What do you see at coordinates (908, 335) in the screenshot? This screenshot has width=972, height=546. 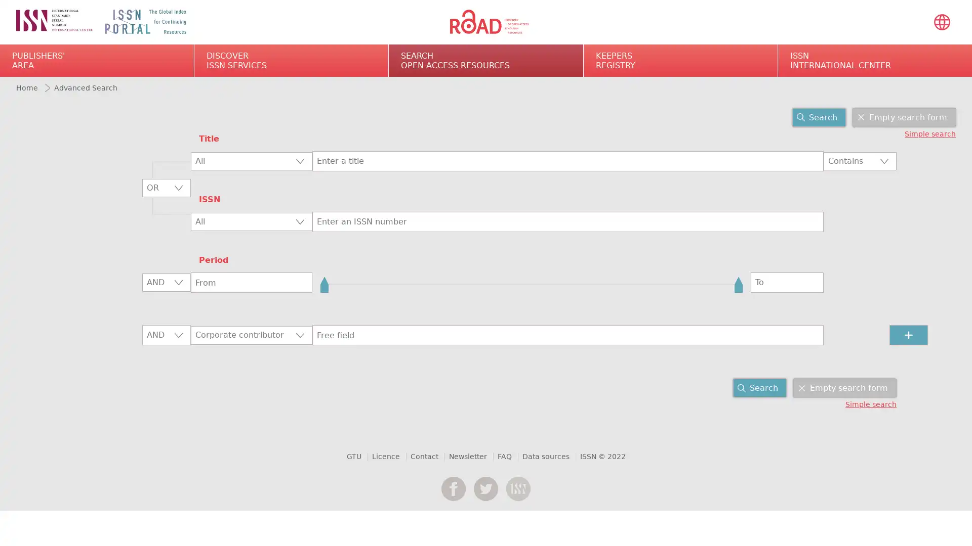 I see `+` at bounding box center [908, 335].